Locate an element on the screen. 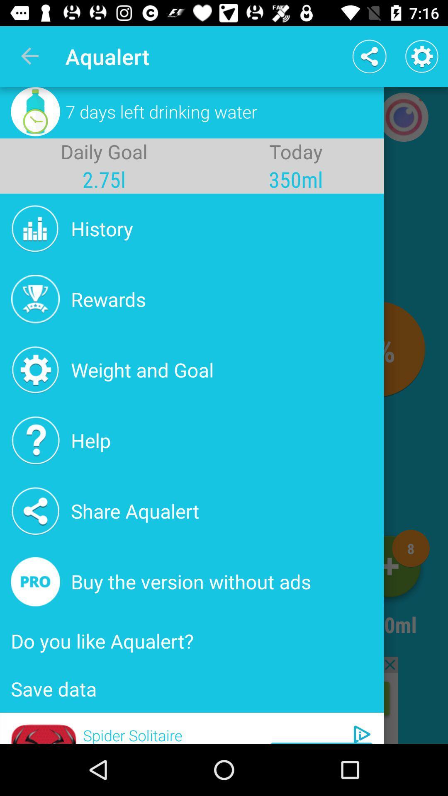  the photo icon is located at coordinates (403, 116).